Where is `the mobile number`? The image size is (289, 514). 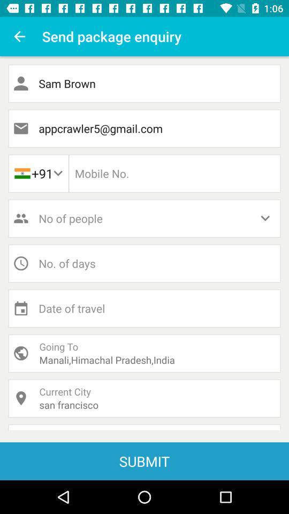 the mobile number is located at coordinates (174, 173).